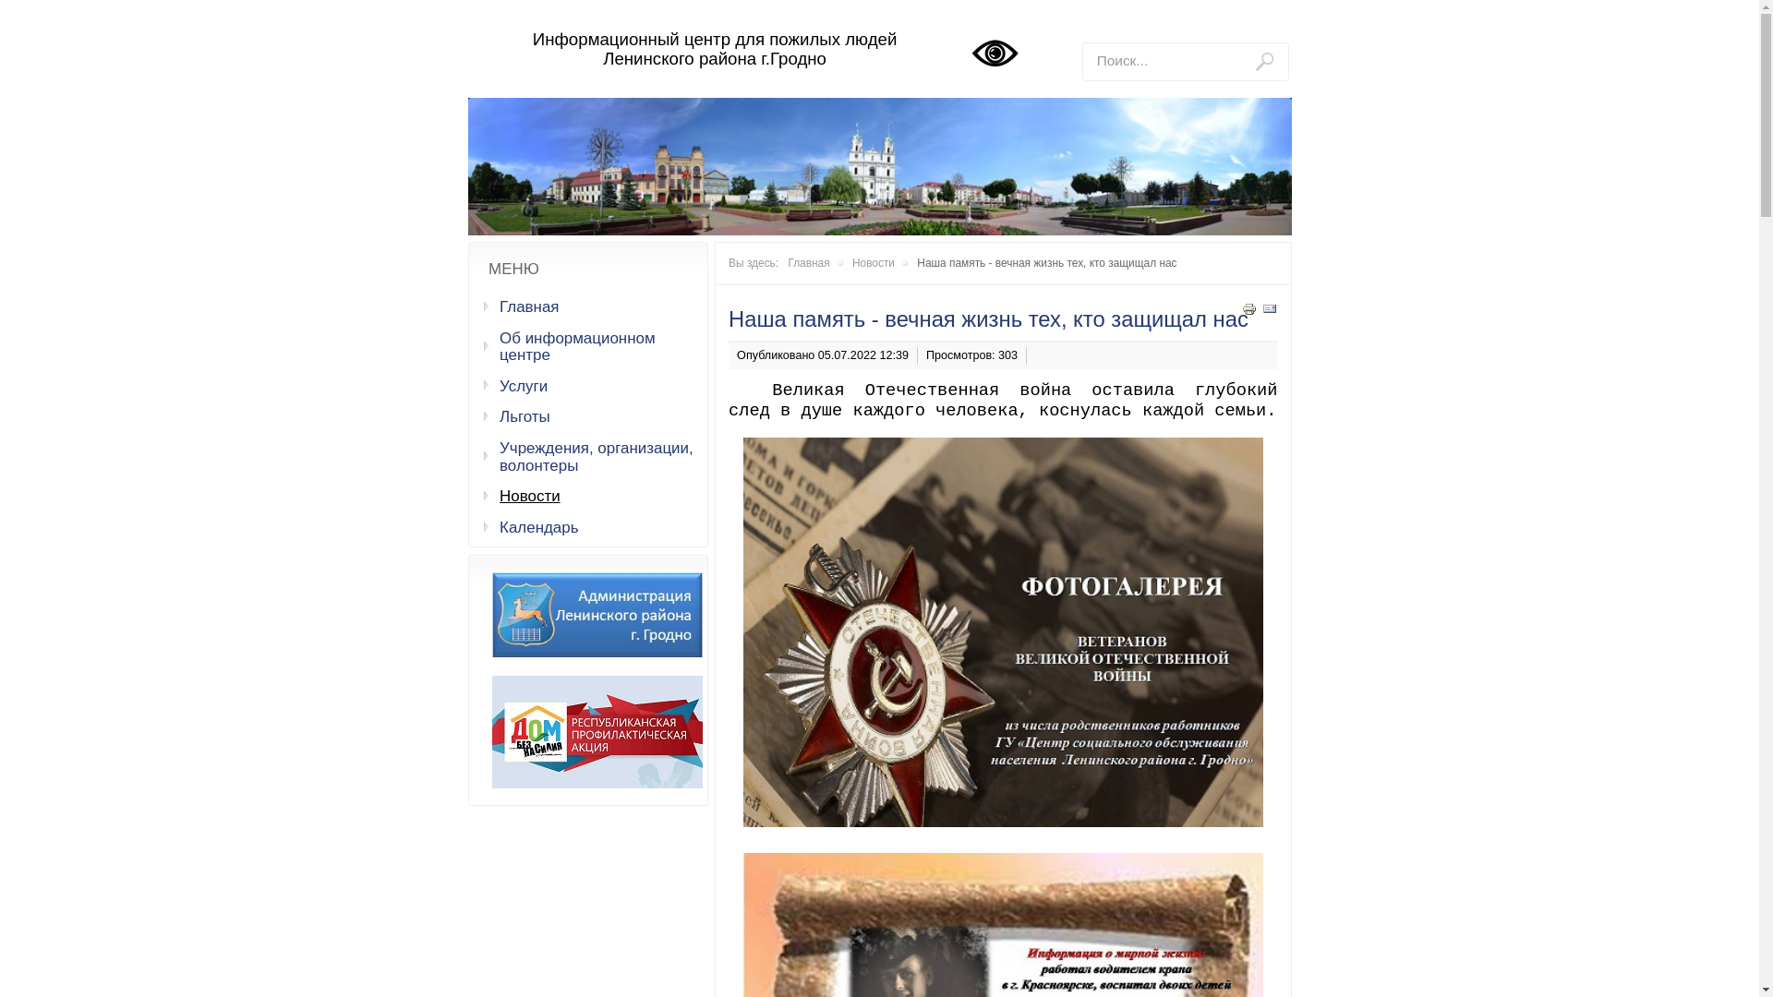  Describe the element at coordinates (1267, 311) in the screenshot. I see `'E-mail'` at that location.